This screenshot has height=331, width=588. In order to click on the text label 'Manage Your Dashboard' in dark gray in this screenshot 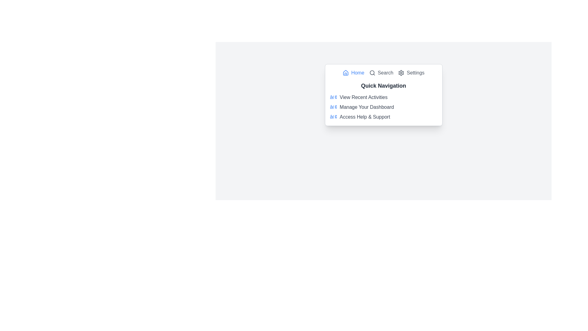, I will do `click(367, 107)`.